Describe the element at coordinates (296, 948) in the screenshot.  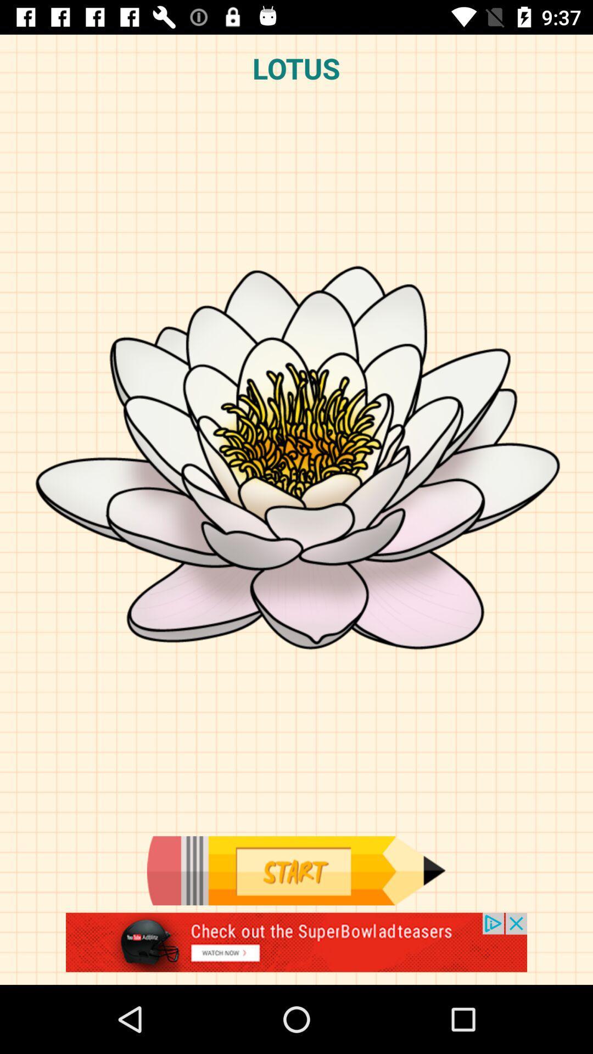
I see `the advertisement page` at that location.